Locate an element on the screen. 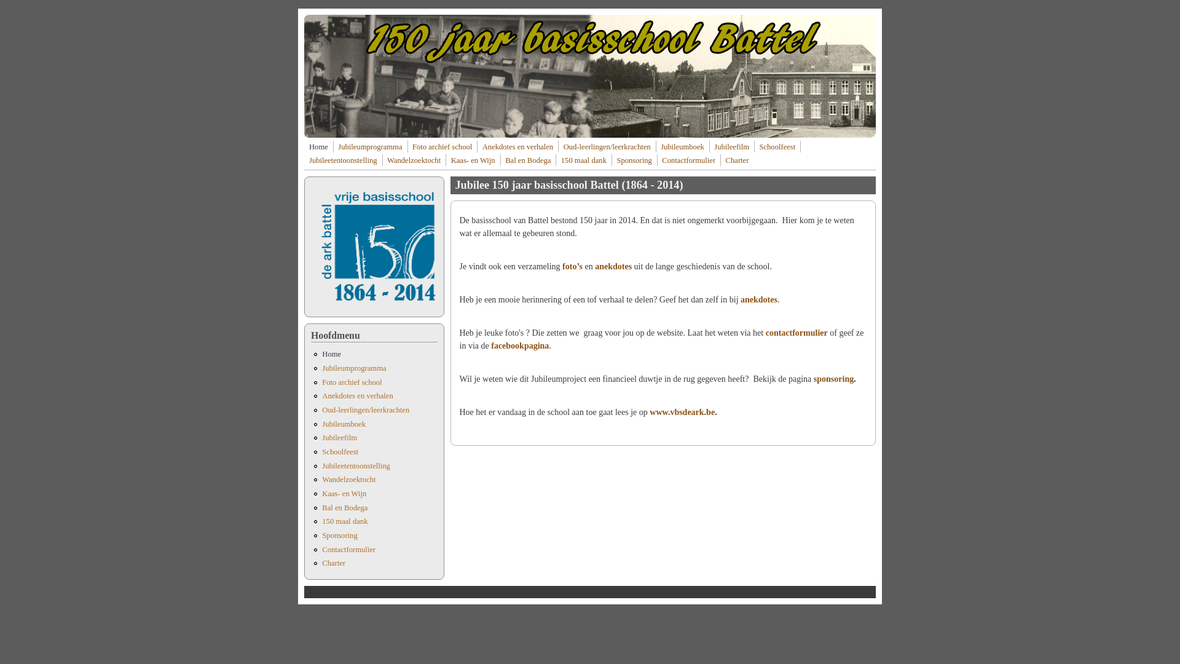  'Anekdotes en verhalen' is located at coordinates (356, 396).